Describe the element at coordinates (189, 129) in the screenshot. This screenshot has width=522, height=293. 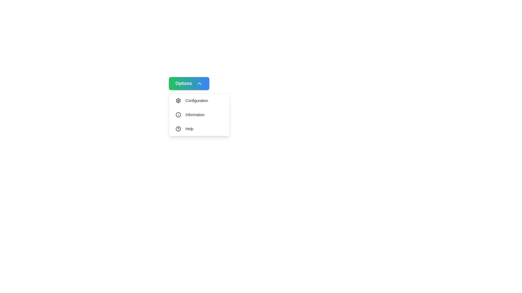
I see `the 'Help' text label located to the right of the question mark icon` at that location.